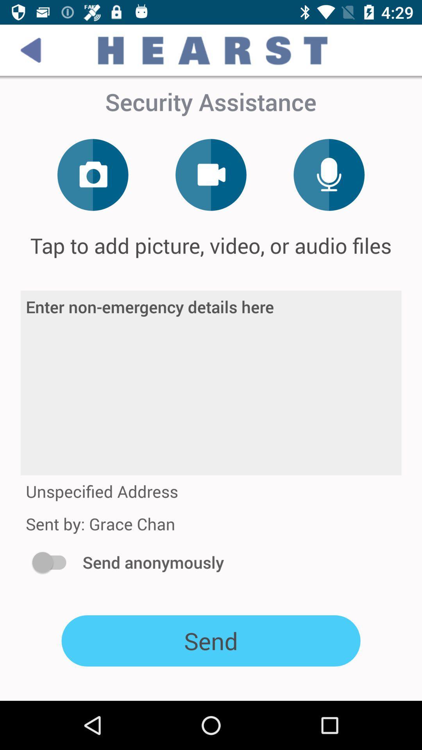 The image size is (422, 750). What do you see at coordinates (211, 383) in the screenshot?
I see `the item below the tap to add` at bounding box center [211, 383].